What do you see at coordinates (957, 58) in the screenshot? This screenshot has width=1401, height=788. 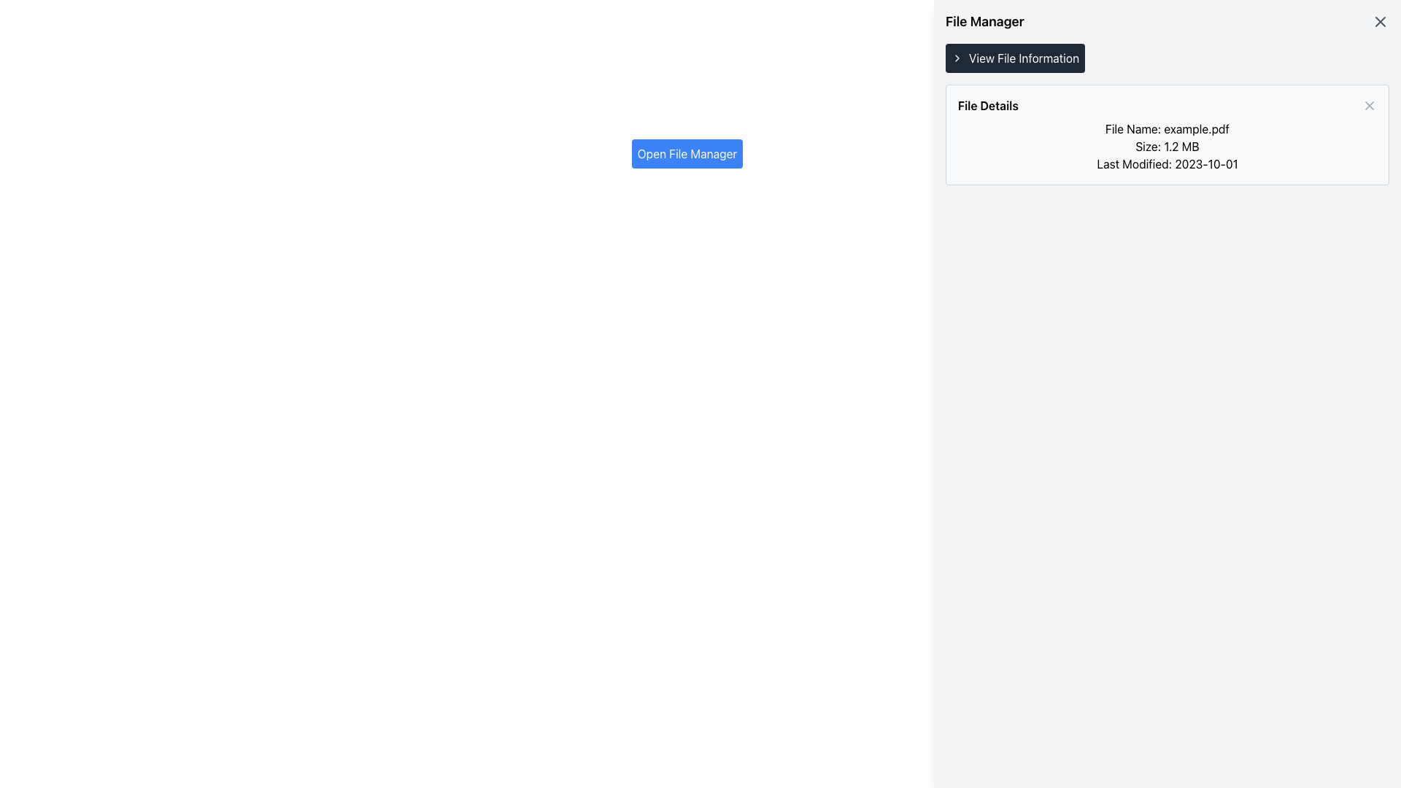 I see `the decorative icon located to the left of the text within the 'View File Information' button in the right-side panel` at bounding box center [957, 58].